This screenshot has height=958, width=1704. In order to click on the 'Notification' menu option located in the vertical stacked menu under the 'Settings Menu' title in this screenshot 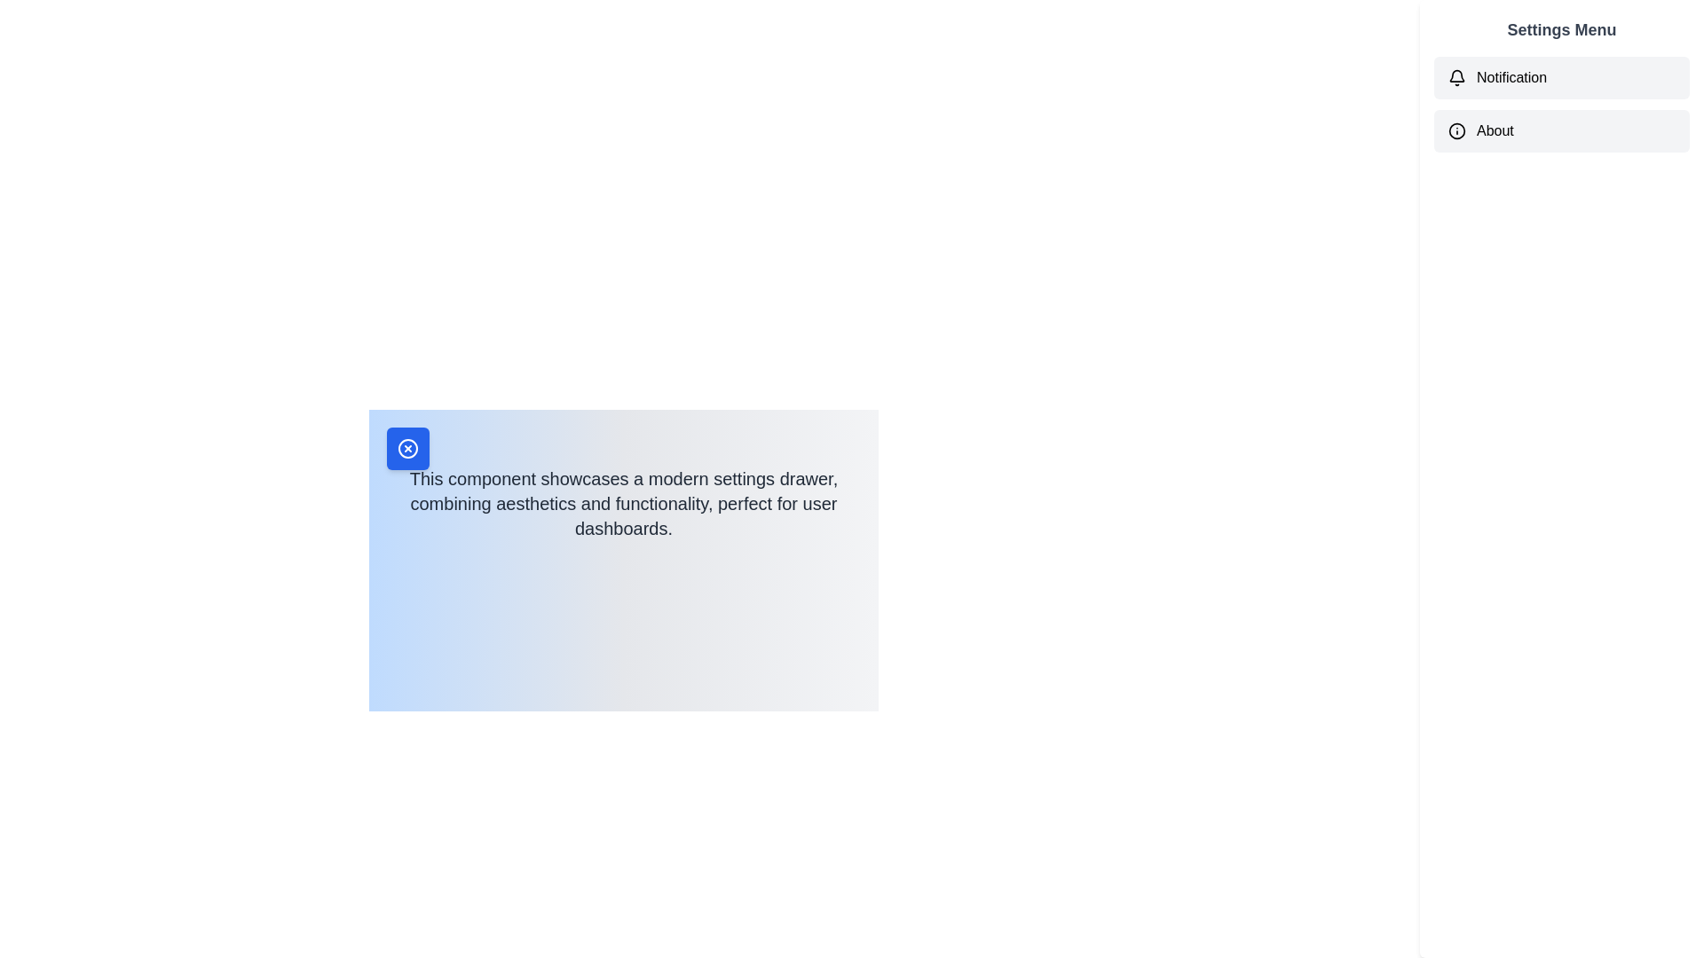, I will do `click(1562, 105)`.